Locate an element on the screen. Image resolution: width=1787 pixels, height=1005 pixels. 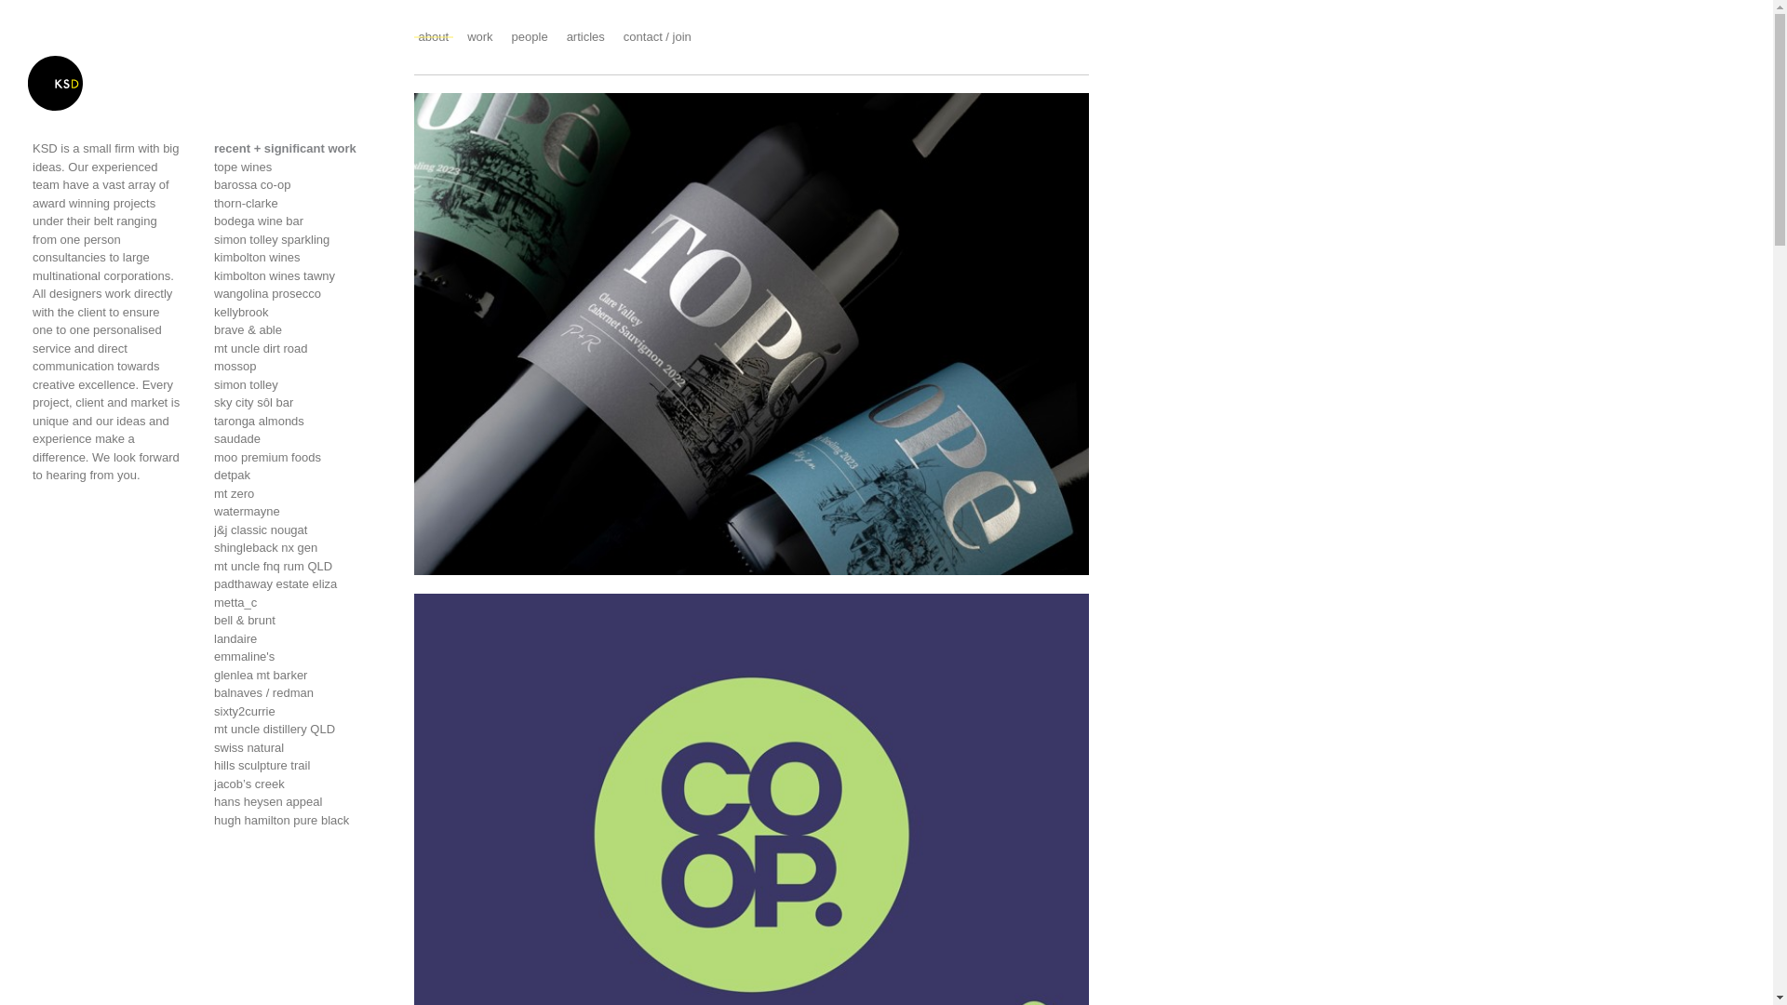
'balnaves / redman' is located at coordinates (298, 692).